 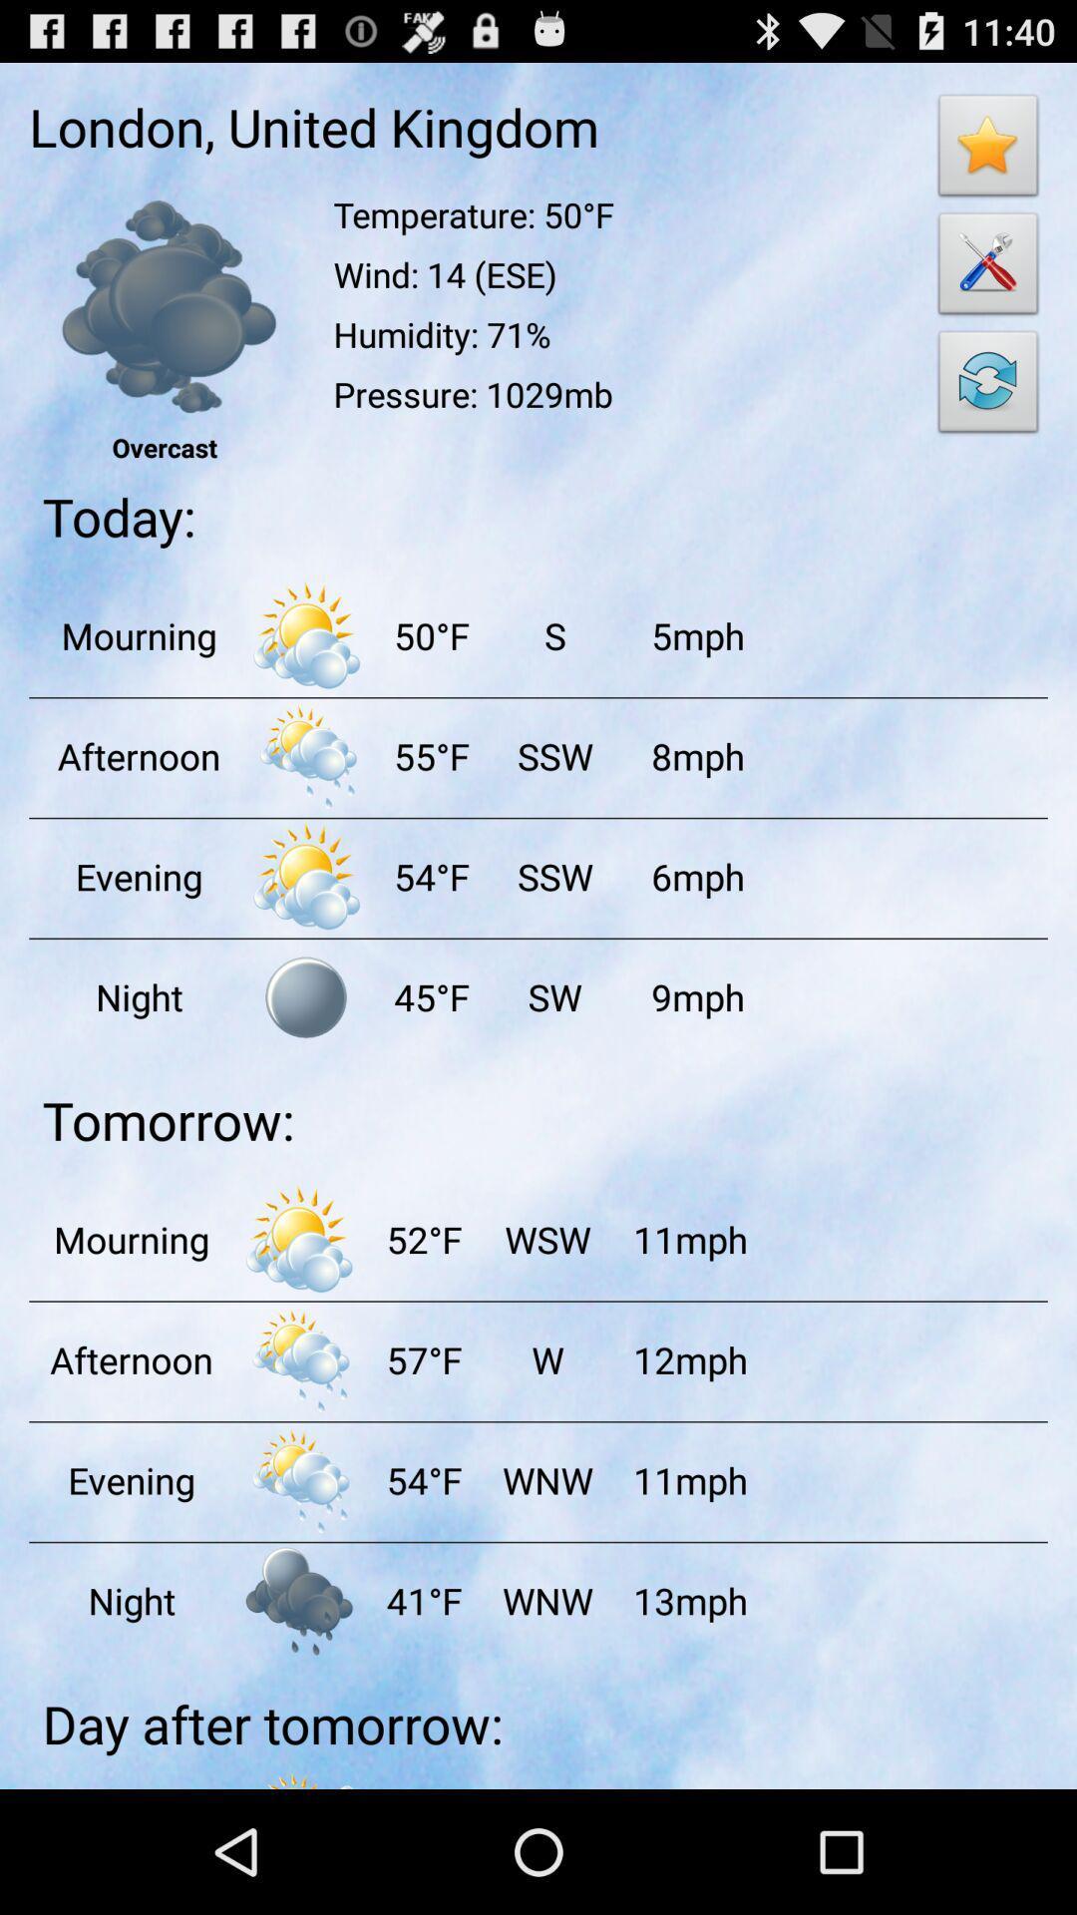 What do you see at coordinates (988, 387) in the screenshot?
I see `item to the right of the wind: 14 (ese) app` at bounding box center [988, 387].